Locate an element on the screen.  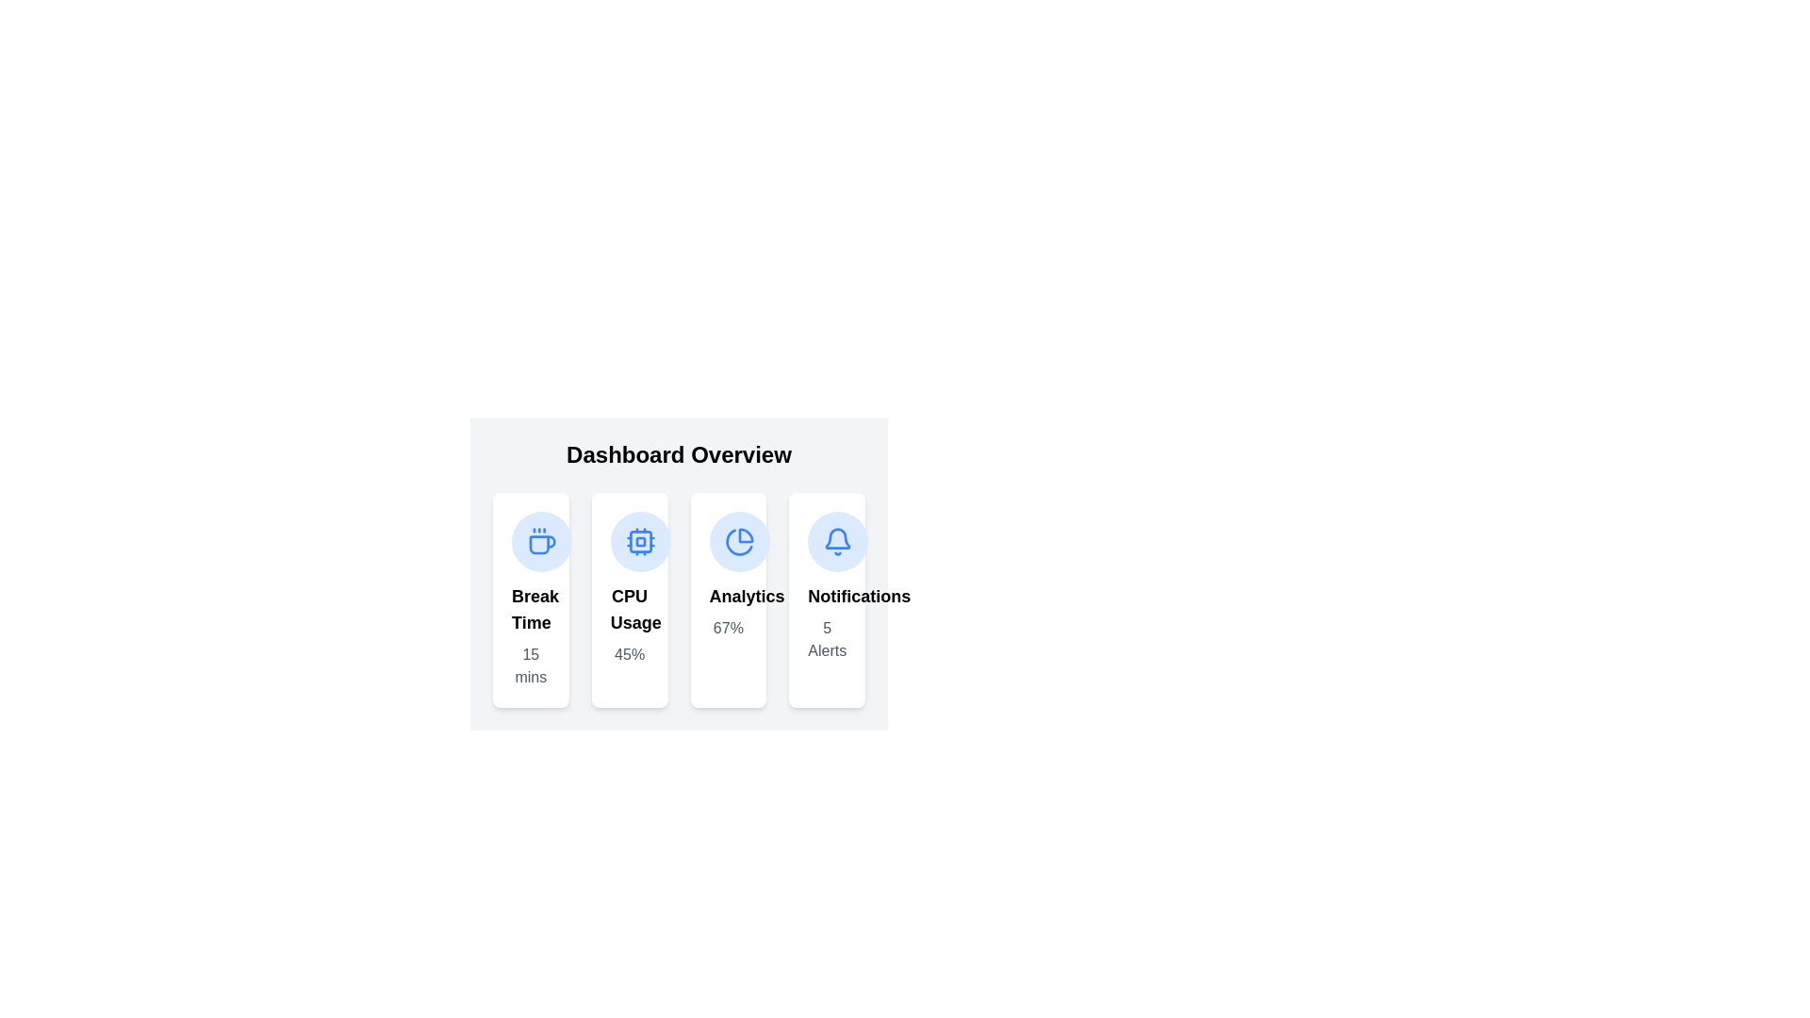
the pie chart icon with a blue outline, which represents data analytics is located at coordinates (738, 541).